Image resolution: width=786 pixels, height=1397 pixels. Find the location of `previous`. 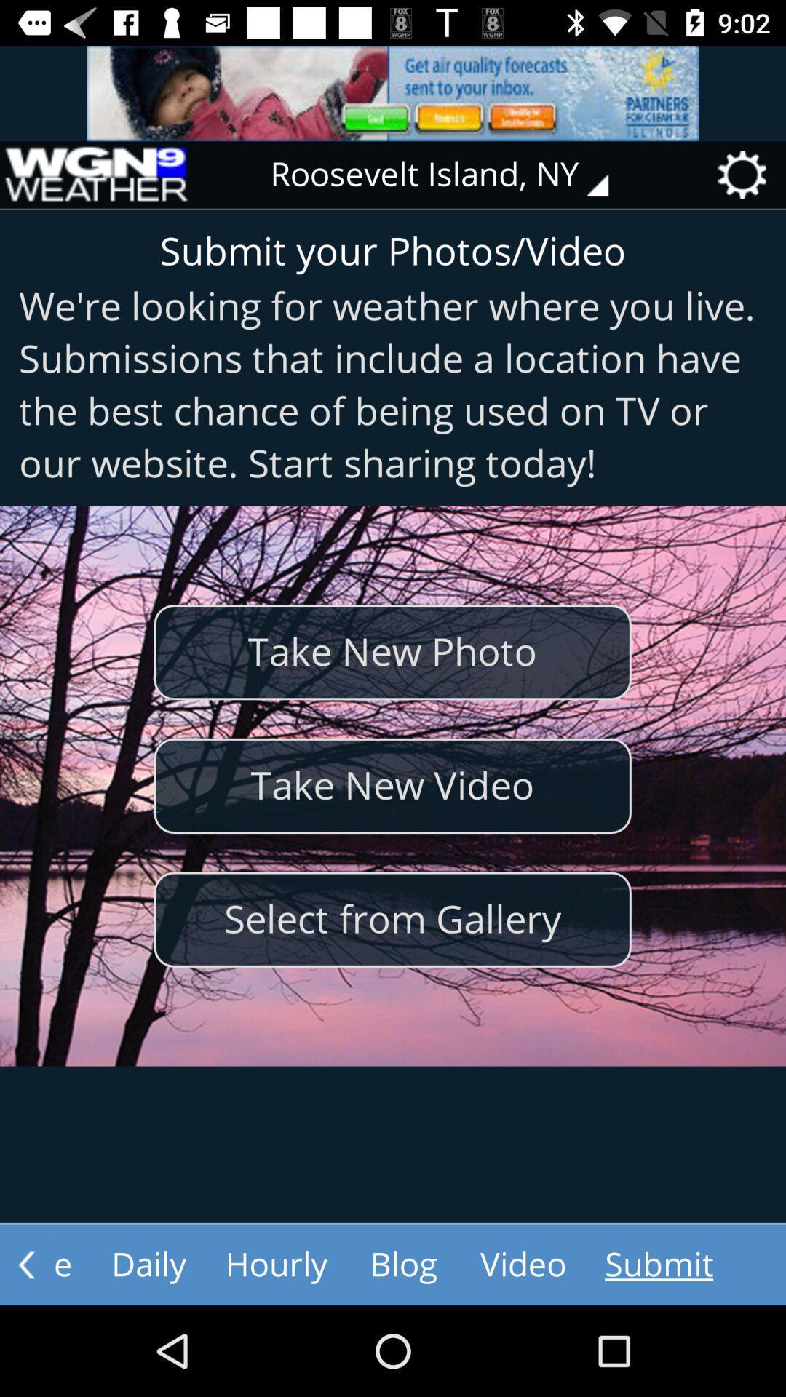

previous is located at coordinates (26, 1264).